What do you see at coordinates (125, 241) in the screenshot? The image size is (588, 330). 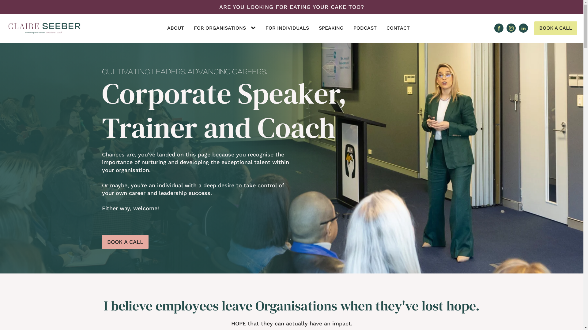 I see `'BOOK A CALL'` at bounding box center [125, 241].